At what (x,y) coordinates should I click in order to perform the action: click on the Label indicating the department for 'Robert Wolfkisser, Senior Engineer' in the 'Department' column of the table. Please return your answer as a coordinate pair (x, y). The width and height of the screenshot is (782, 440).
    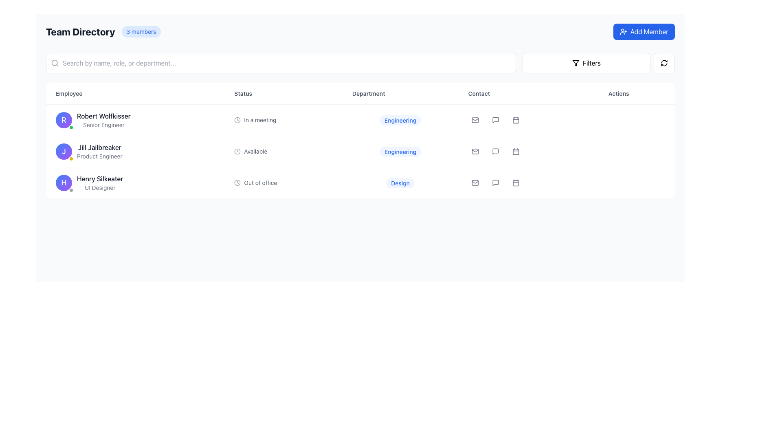
    Looking at the image, I should click on (400, 120).